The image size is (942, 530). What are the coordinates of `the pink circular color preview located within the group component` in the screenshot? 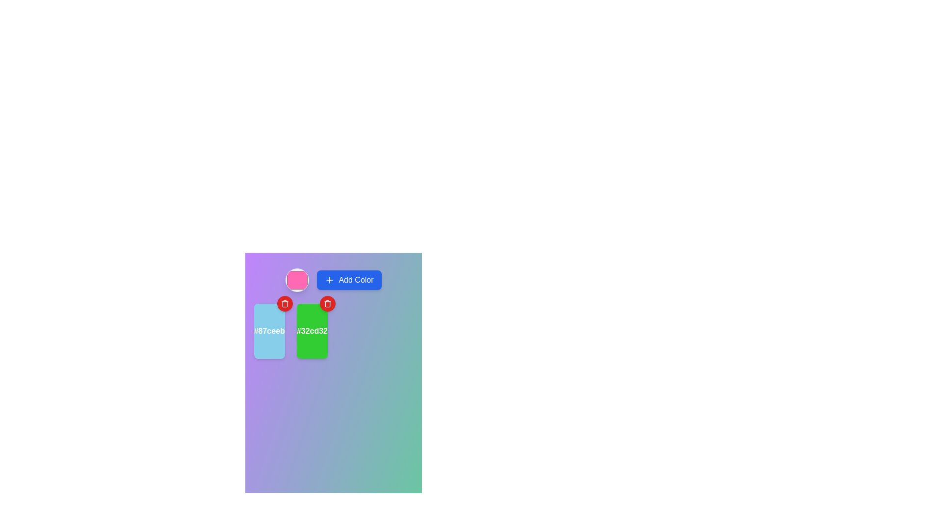 It's located at (334, 280).